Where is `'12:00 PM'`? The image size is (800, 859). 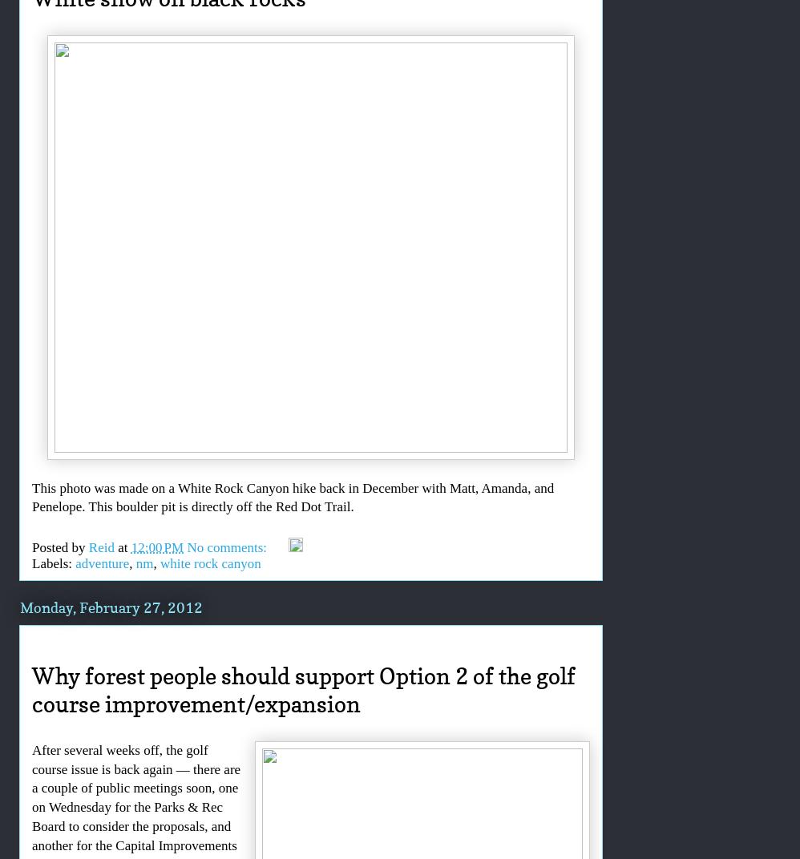
'12:00 PM' is located at coordinates (156, 546).